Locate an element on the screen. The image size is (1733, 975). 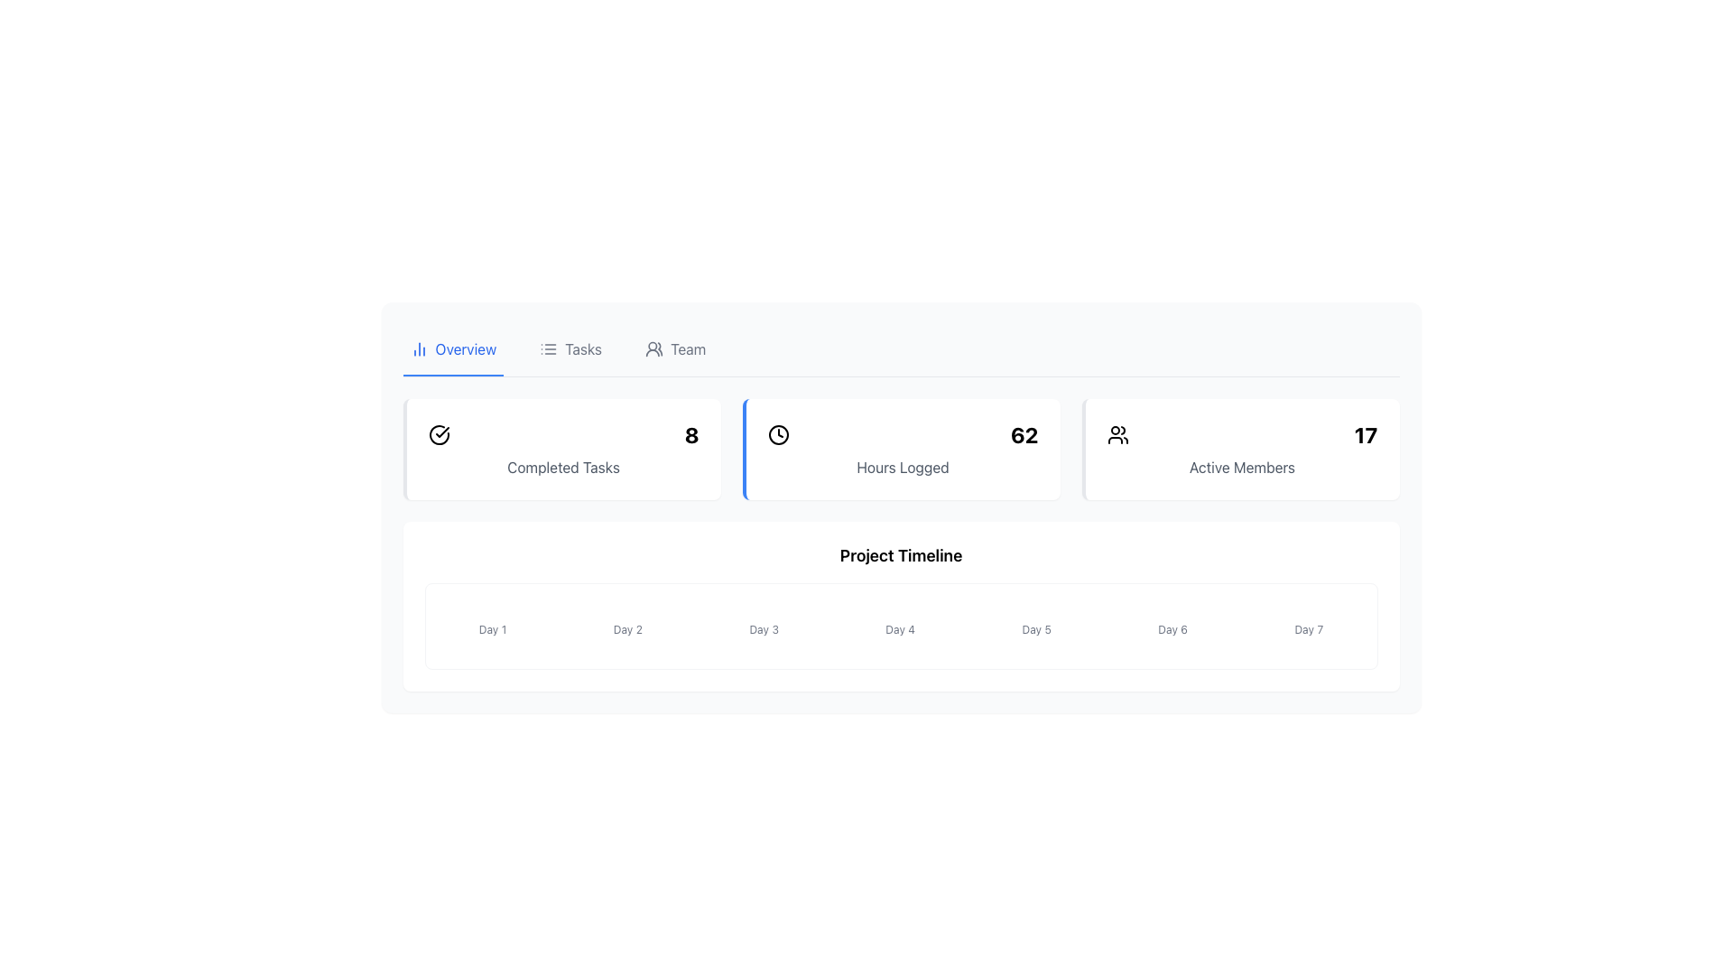
the 'Team' navigation button, which is the third item in the horizontal navigation bar and features an icon of people followed by the label 'Team' is located at coordinates (674, 350).